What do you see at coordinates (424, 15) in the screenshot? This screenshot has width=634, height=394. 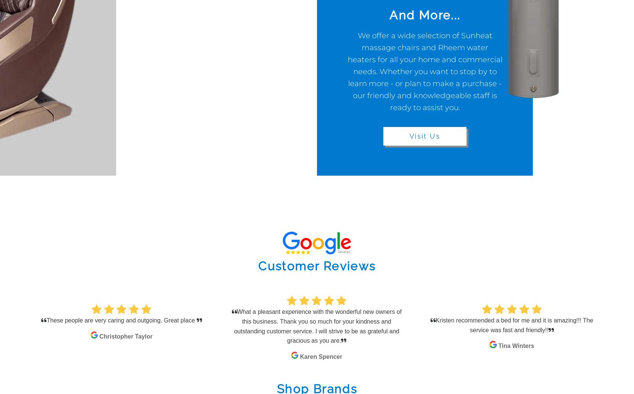 I see `'And More...'` at bounding box center [424, 15].